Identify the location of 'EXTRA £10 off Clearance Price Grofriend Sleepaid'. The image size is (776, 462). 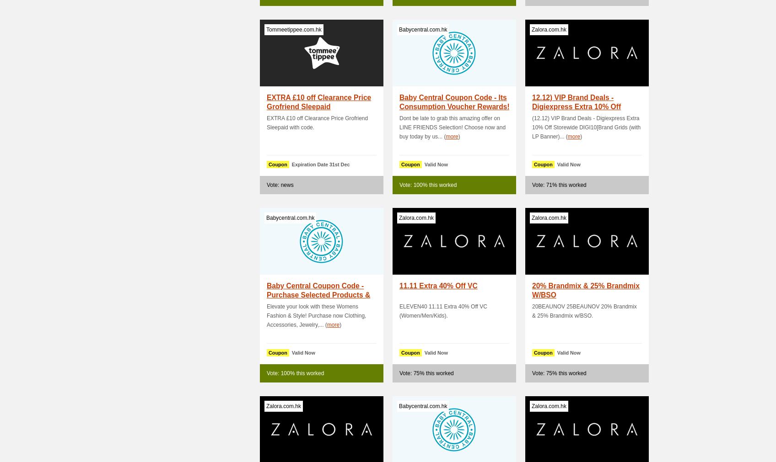
(318, 102).